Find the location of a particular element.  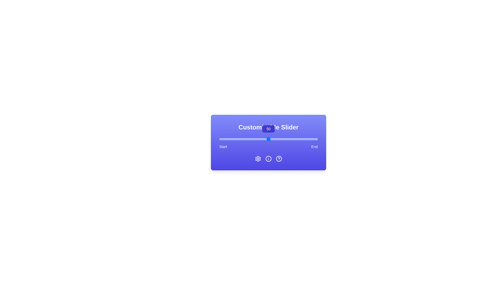

the slider to set the value to 10 is located at coordinates (229, 139).